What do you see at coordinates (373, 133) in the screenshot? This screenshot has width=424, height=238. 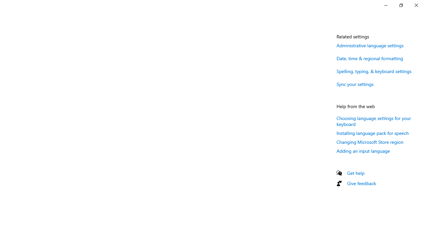 I see `'Installing language pack for speech'` at bounding box center [373, 133].